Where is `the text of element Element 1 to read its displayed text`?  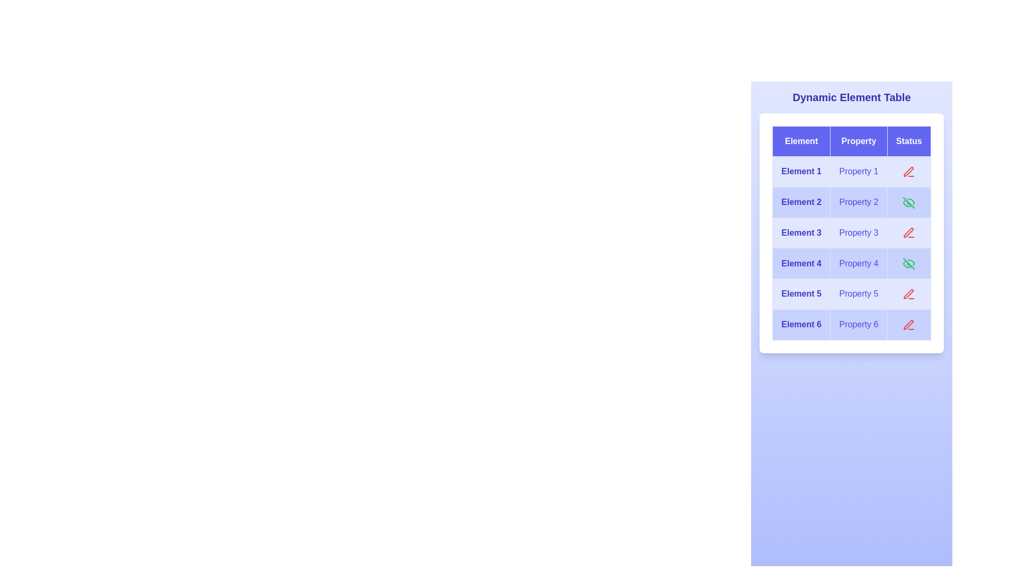 the text of element Element 1 to read its displayed text is located at coordinates (801, 171).